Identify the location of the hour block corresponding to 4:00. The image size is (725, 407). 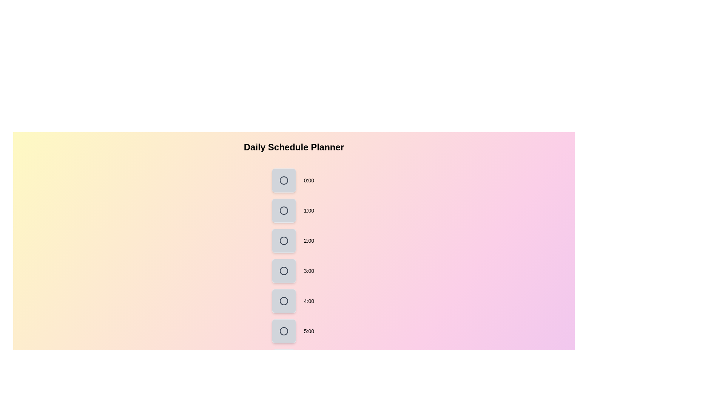
(284, 300).